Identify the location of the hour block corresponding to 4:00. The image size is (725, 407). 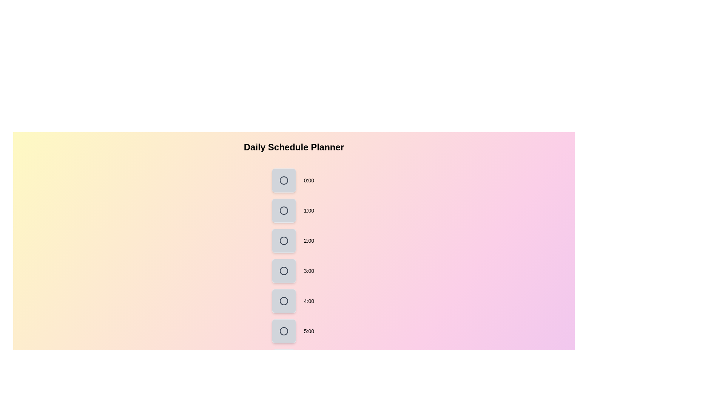
(284, 300).